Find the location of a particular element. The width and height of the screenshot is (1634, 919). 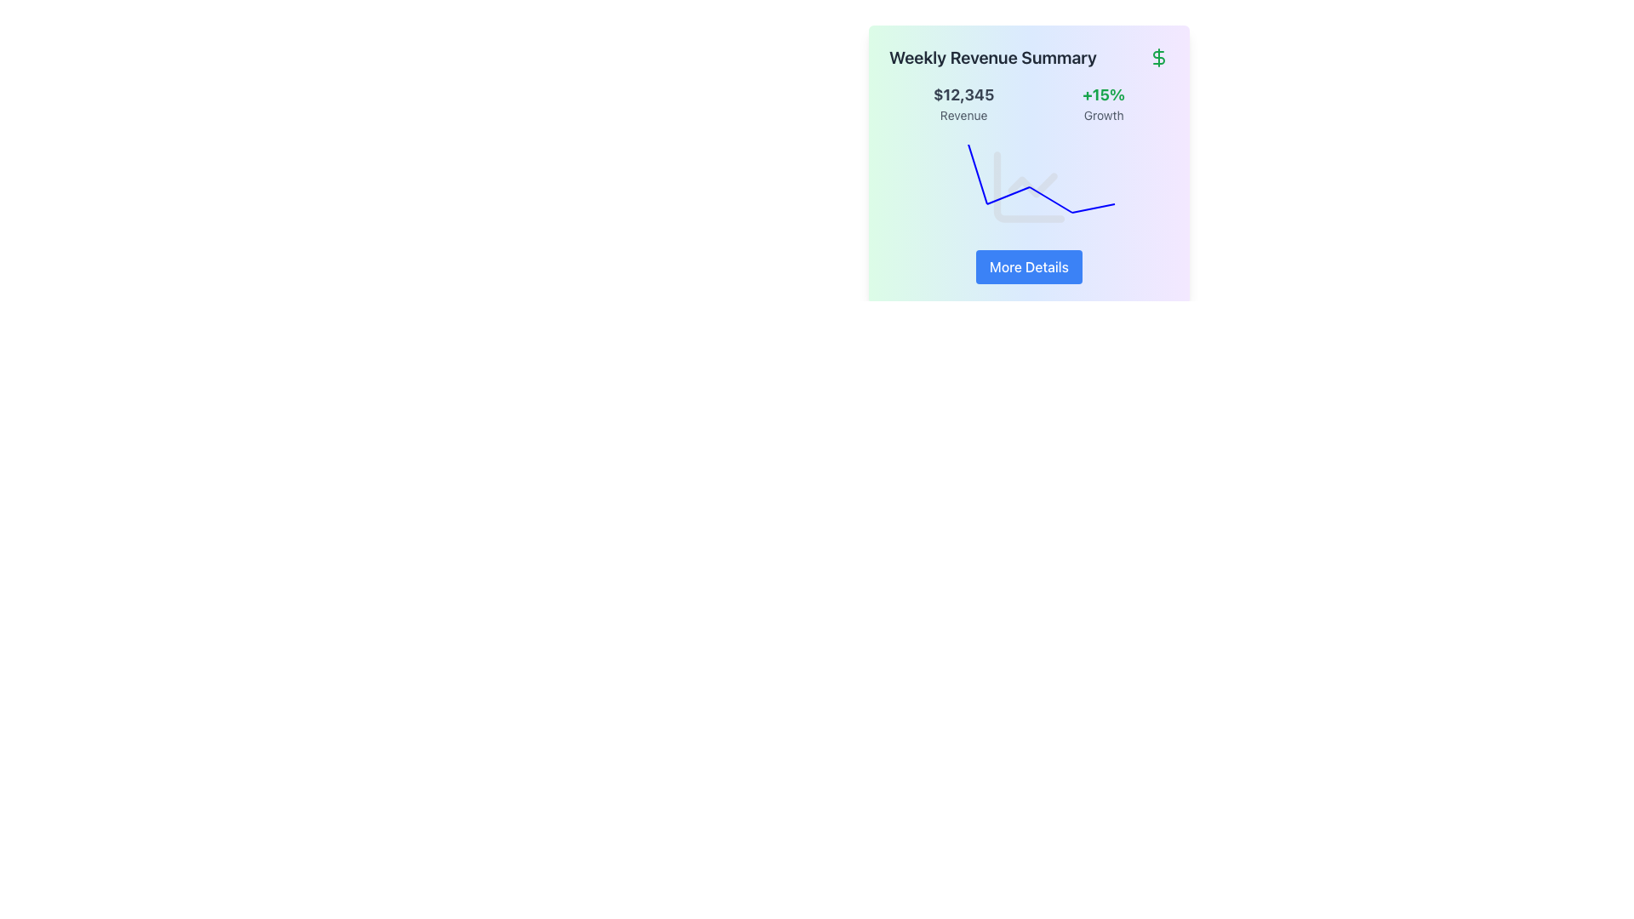

the bold green text label displaying +15% in the upper-right section of the data summary card, indicating a positive change is located at coordinates (1104, 94).